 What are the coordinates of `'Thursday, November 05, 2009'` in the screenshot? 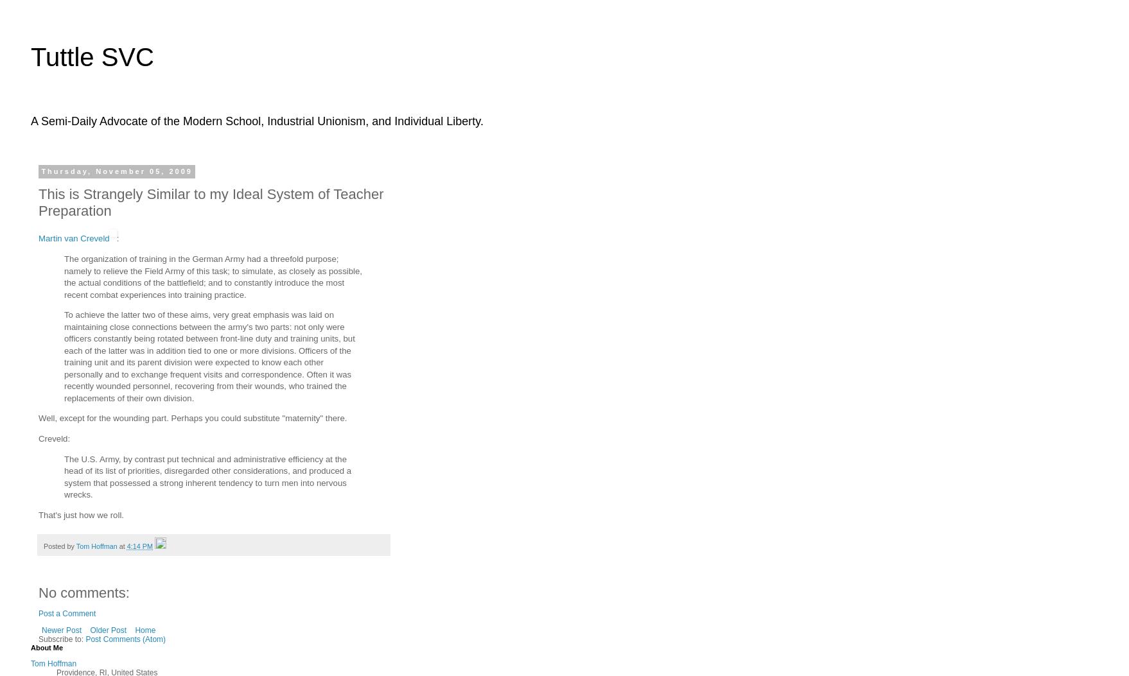 It's located at (116, 171).